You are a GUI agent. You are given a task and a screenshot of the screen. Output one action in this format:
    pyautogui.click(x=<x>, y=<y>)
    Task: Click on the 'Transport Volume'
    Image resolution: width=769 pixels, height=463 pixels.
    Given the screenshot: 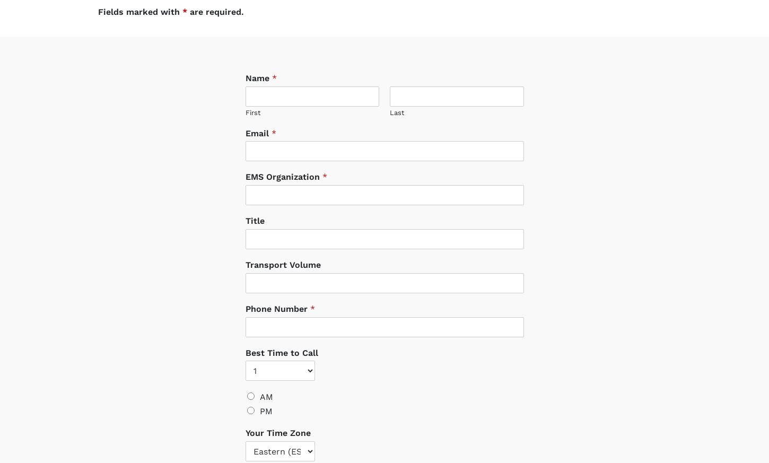 What is the action you would take?
    pyautogui.click(x=283, y=255)
    